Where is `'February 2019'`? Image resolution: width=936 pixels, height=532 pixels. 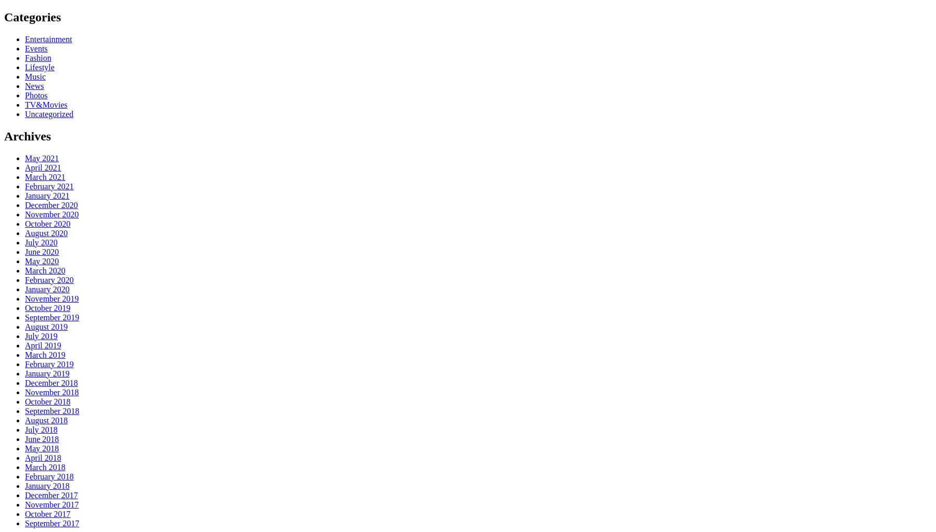
'February 2019' is located at coordinates (48, 363).